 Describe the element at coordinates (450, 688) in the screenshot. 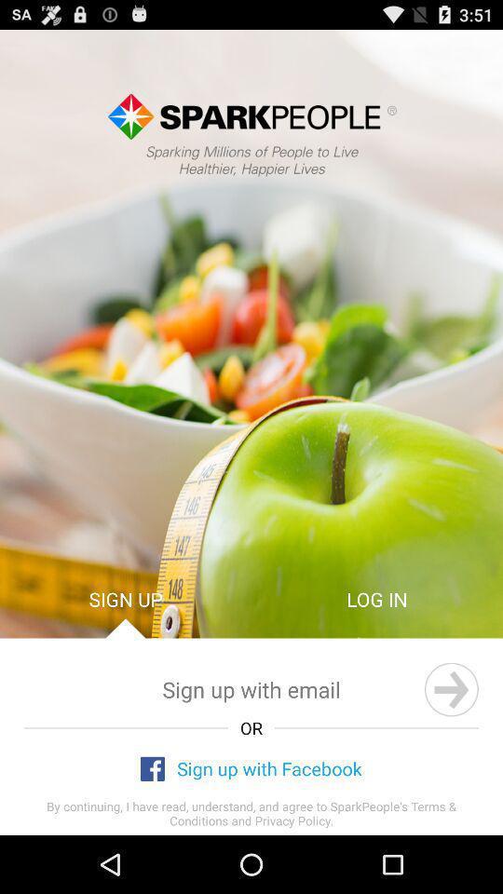

I see `this button in next page` at that location.